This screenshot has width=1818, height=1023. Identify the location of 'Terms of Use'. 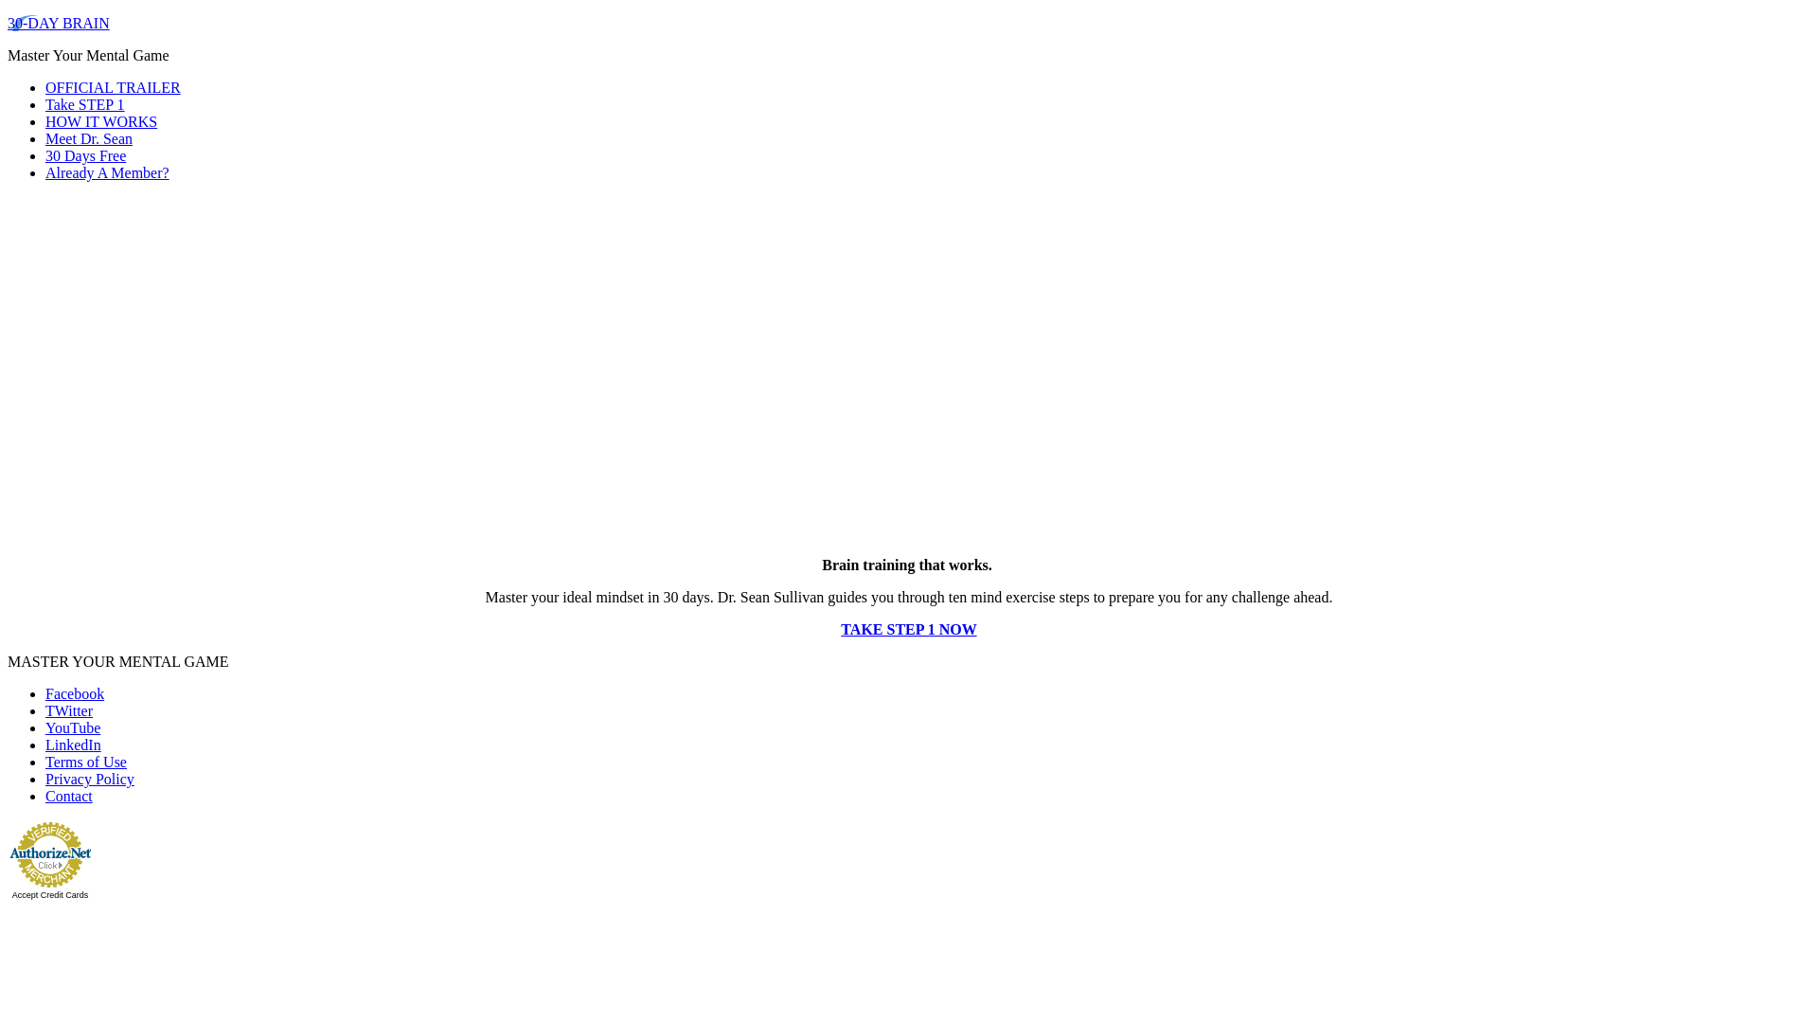
(45, 761).